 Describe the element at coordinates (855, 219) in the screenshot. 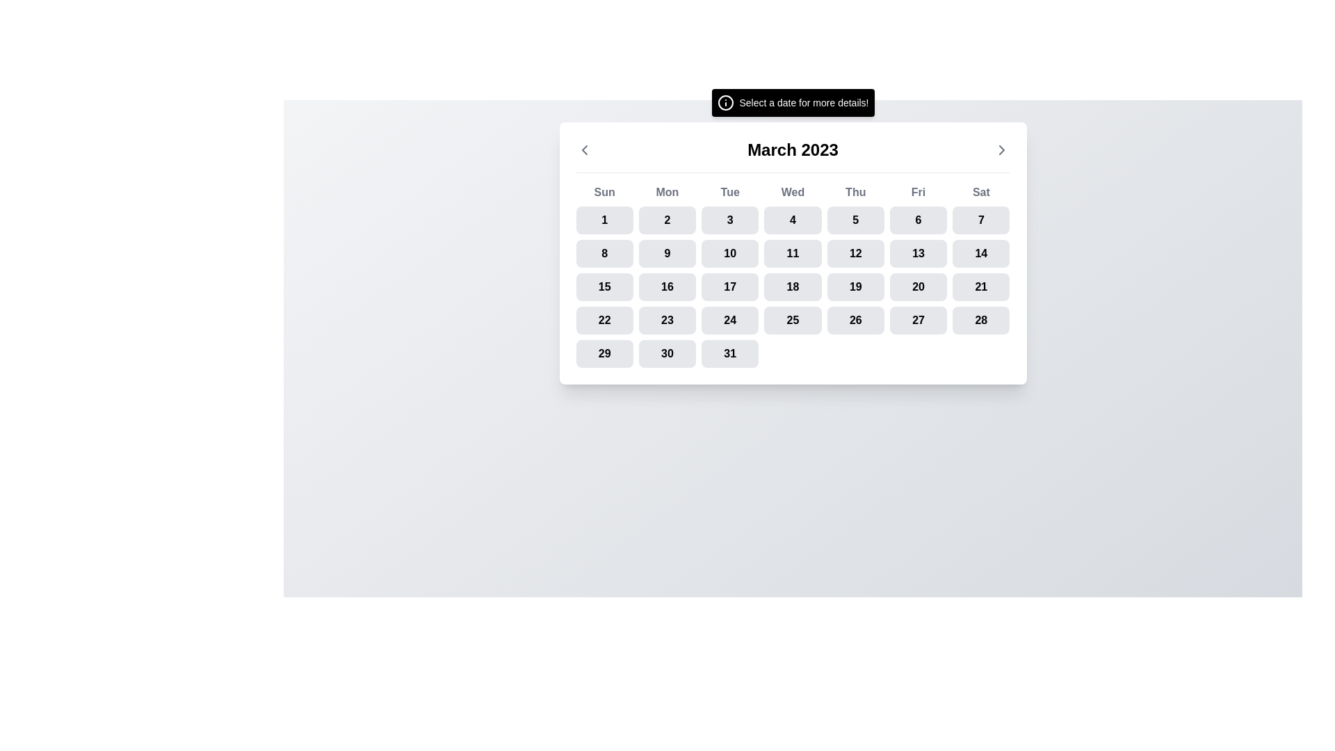

I see `the Day slot in the calendar displaying the number '5', which is a rectangular button with a gray background and rounded corners, located under the 'Thu' header` at that location.